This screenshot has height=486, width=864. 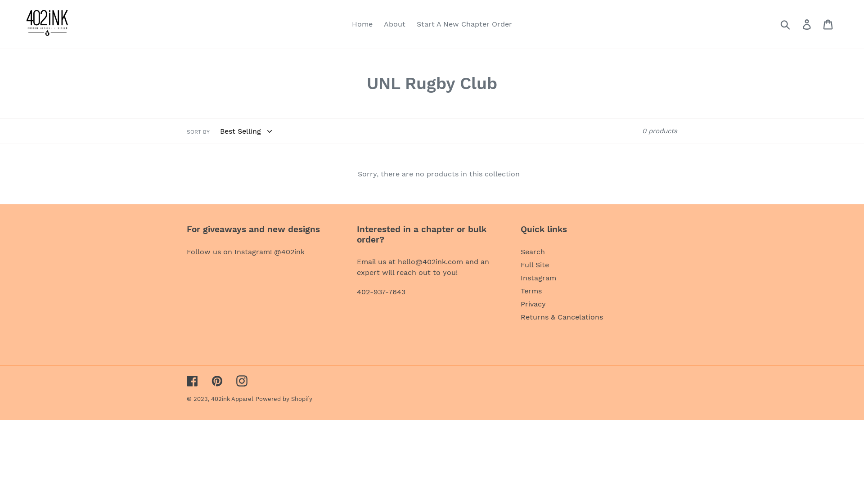 What do you see at coordinates (774, 24) in the screenshot?
I see `'Submit'` at bounding box center [774, 24].